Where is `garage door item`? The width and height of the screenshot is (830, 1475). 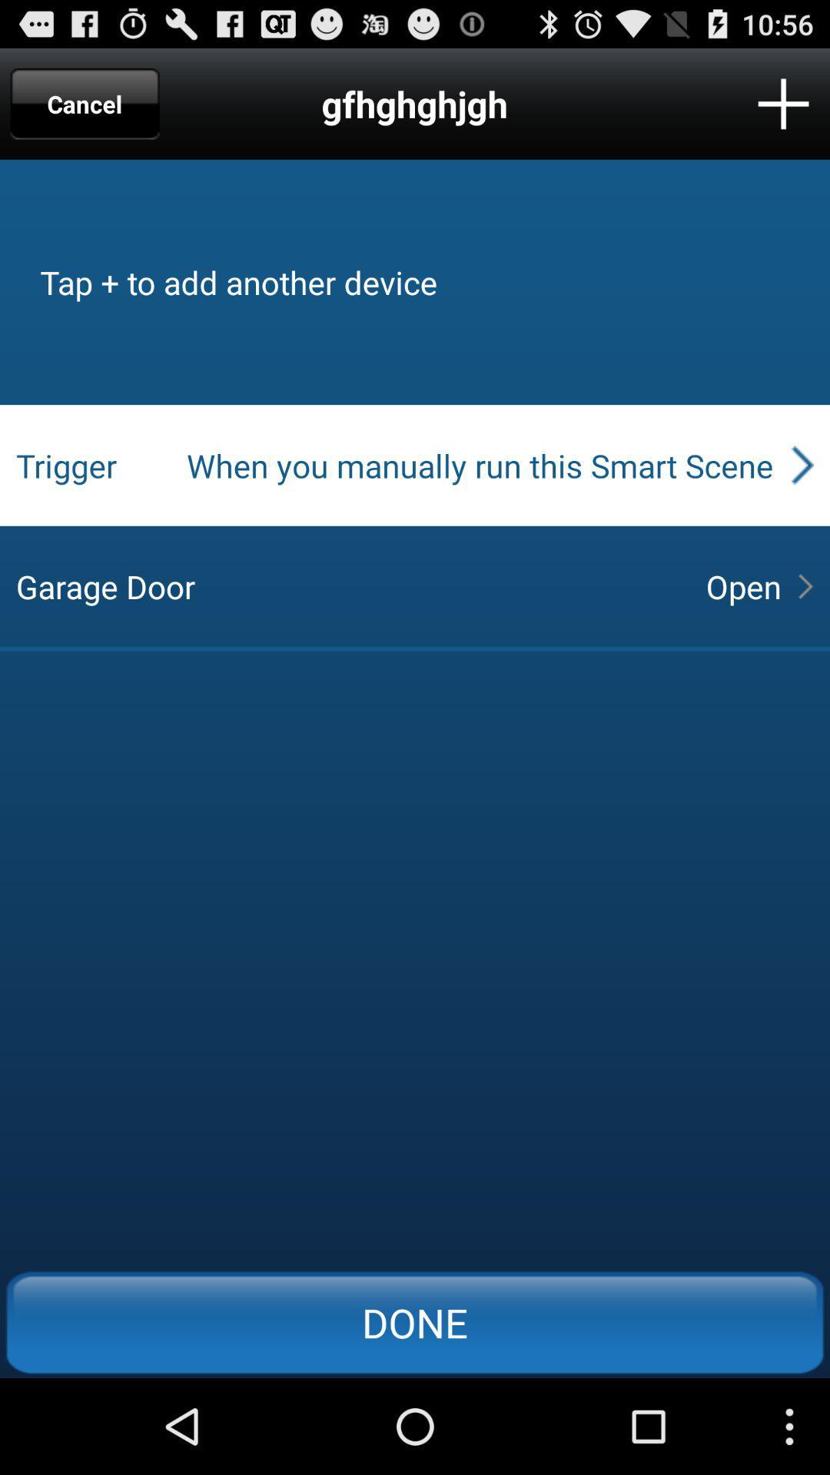 garage door item is located at coordinates (347, 585).